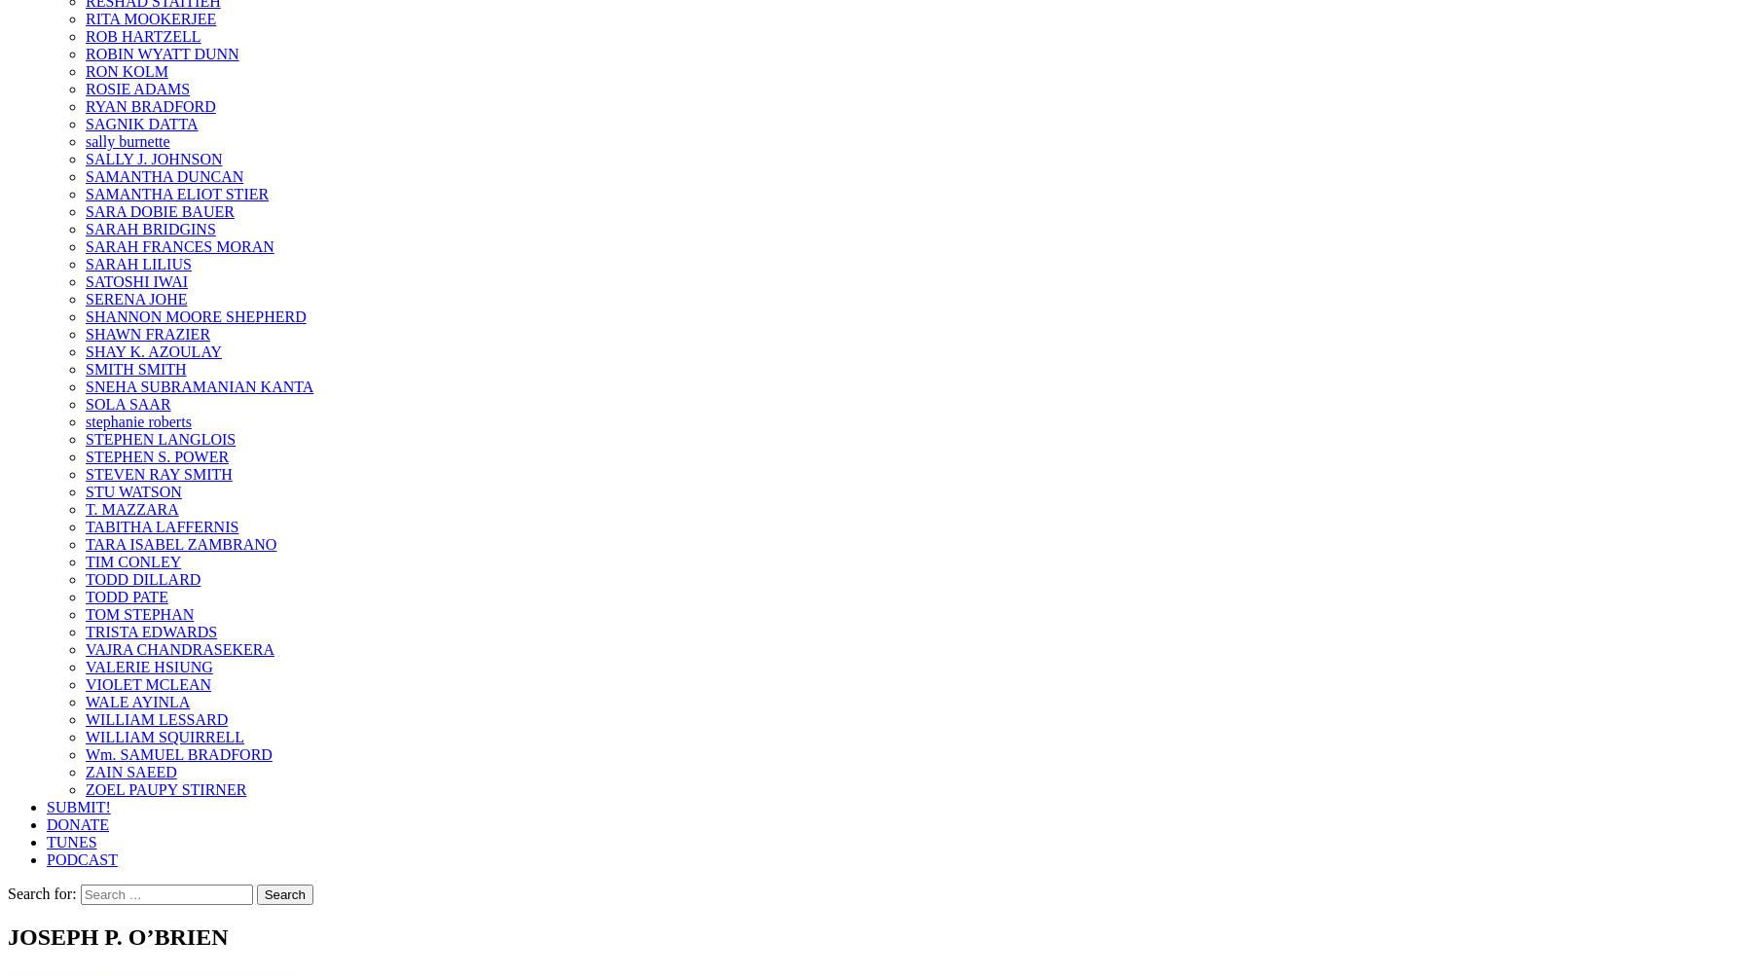 Image resolution: width=1752 pixels, height=976 pixels. I want to click on 'PODCAST', so click(81, 859).